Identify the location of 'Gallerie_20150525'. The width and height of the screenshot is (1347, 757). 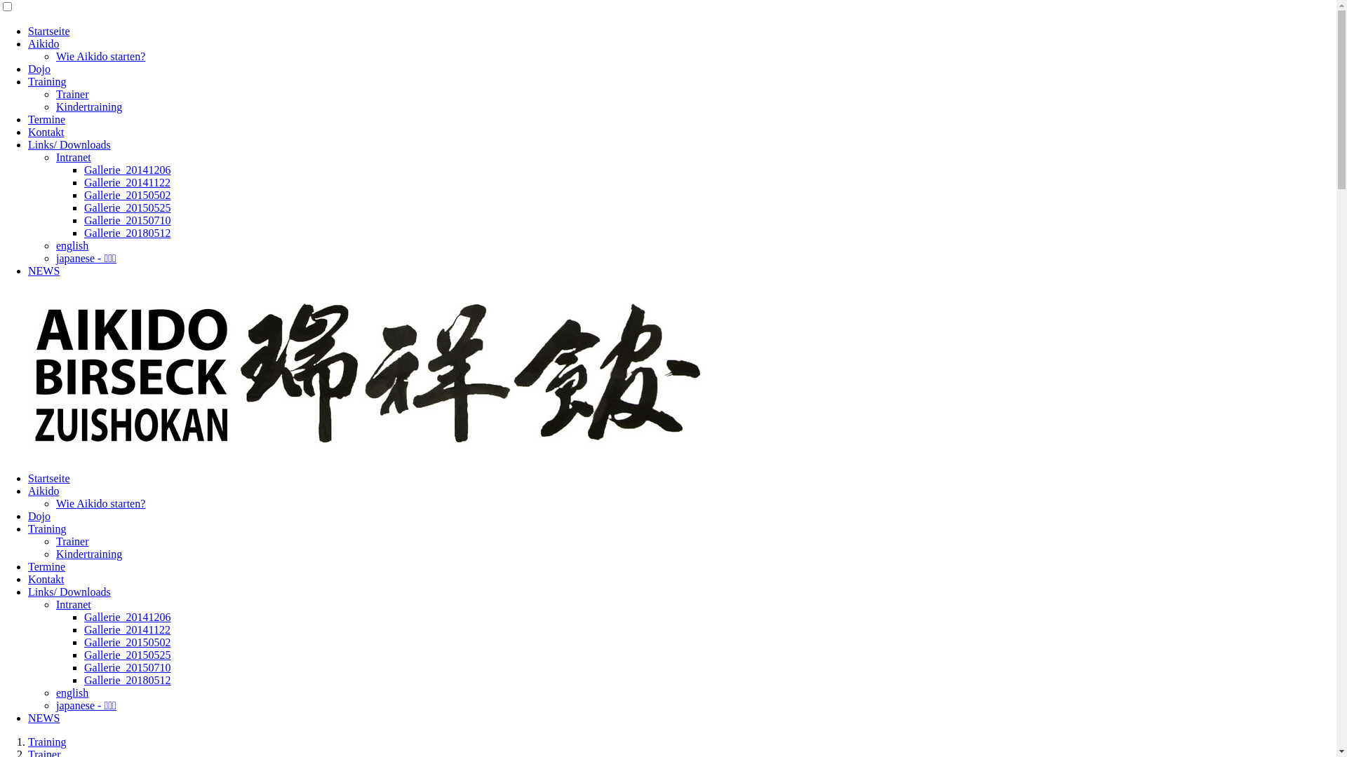
(83, 655).